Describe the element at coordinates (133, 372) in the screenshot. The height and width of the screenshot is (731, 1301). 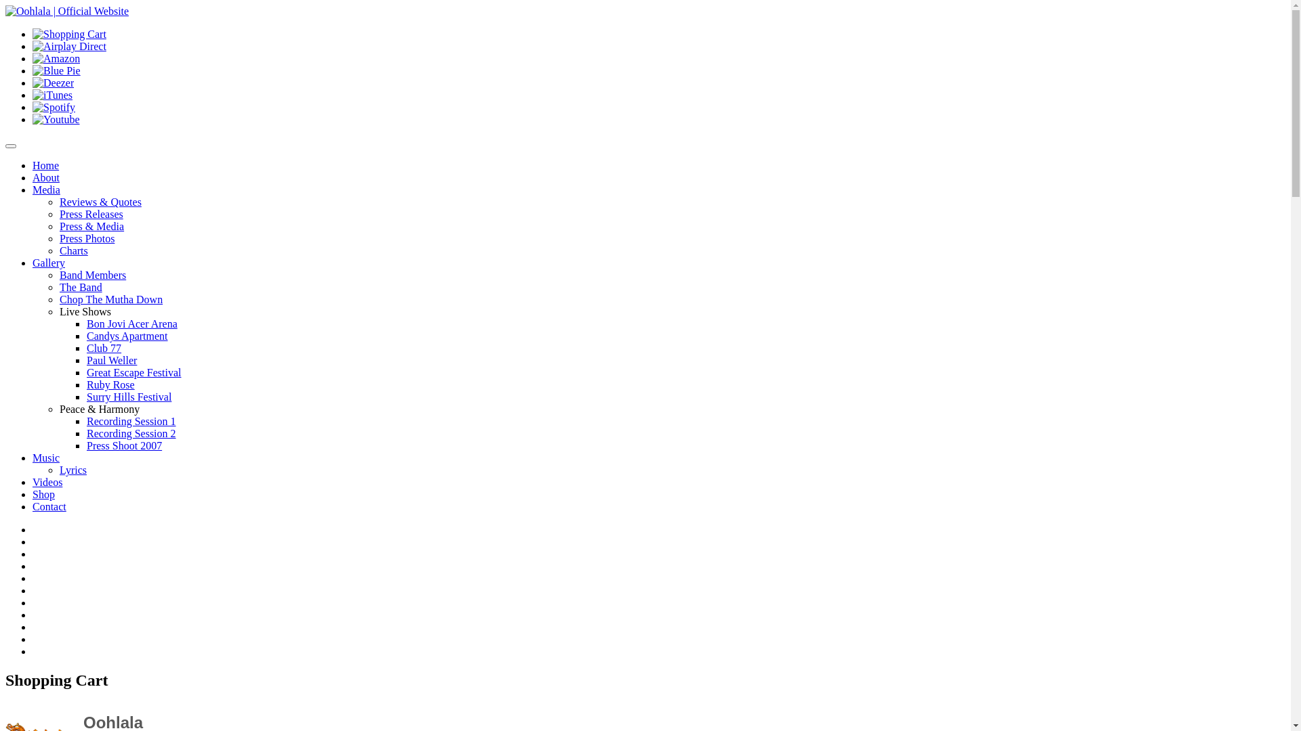
I see `'Great Escape Festival'` at that location.